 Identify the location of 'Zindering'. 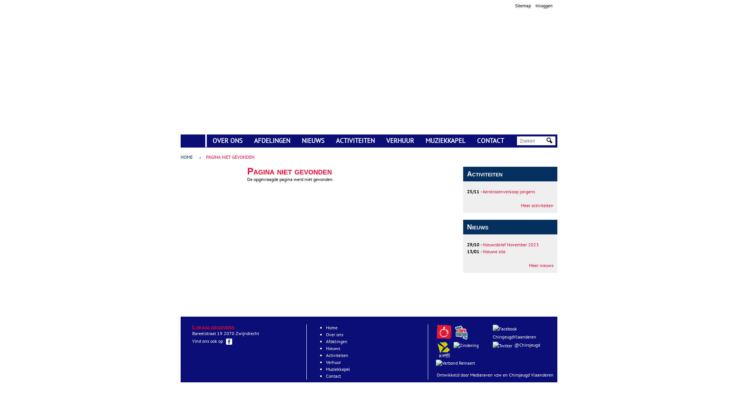
(456, 363).